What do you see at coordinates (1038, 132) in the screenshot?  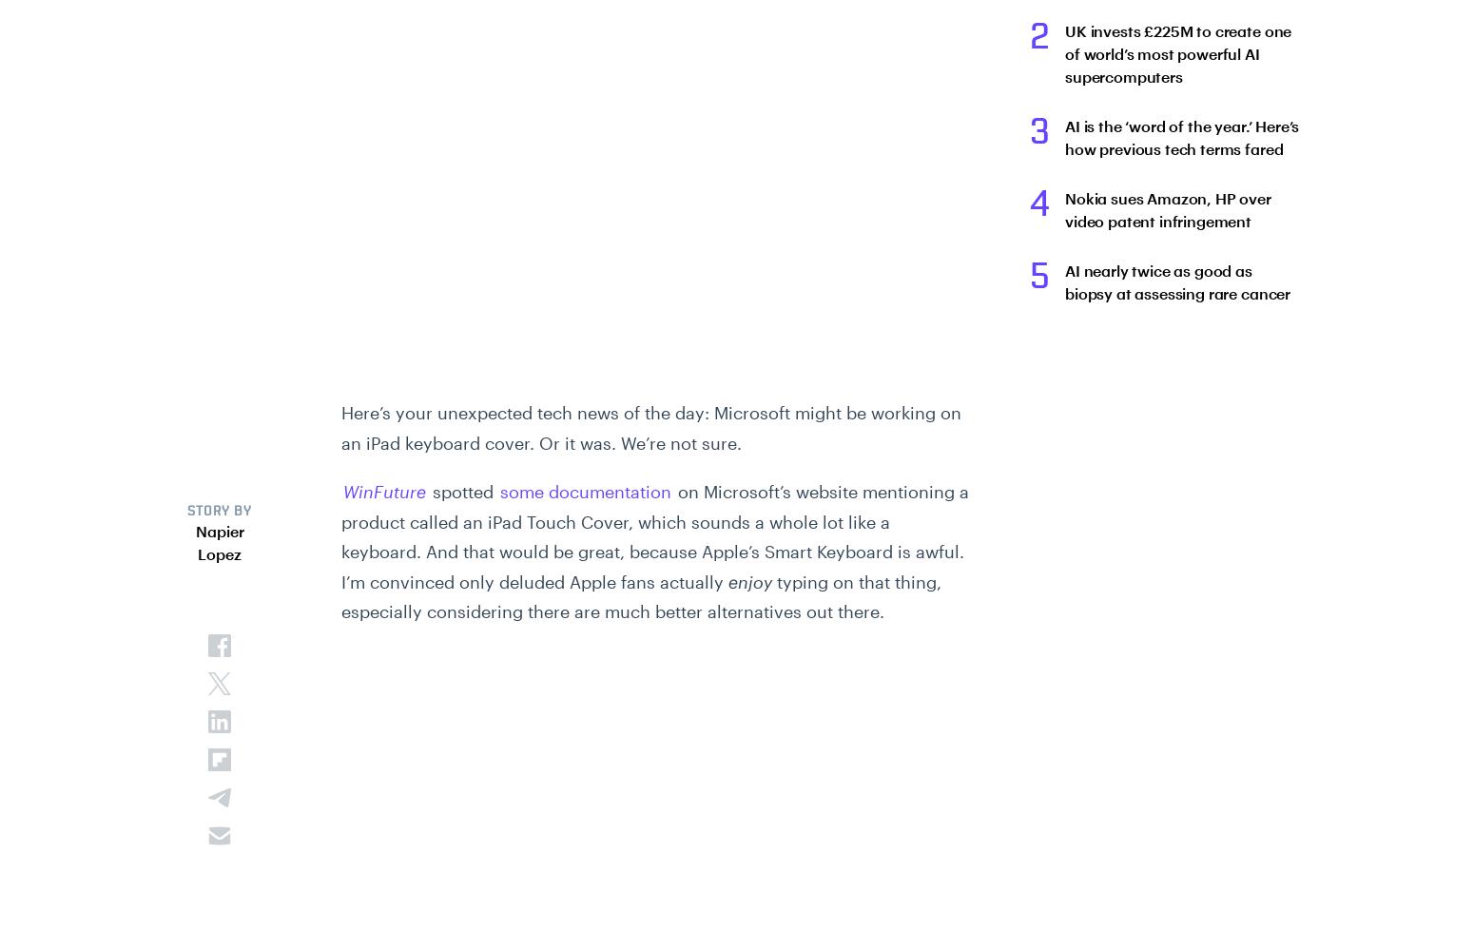 I see `'3'` at bounding box center [1038, 132].